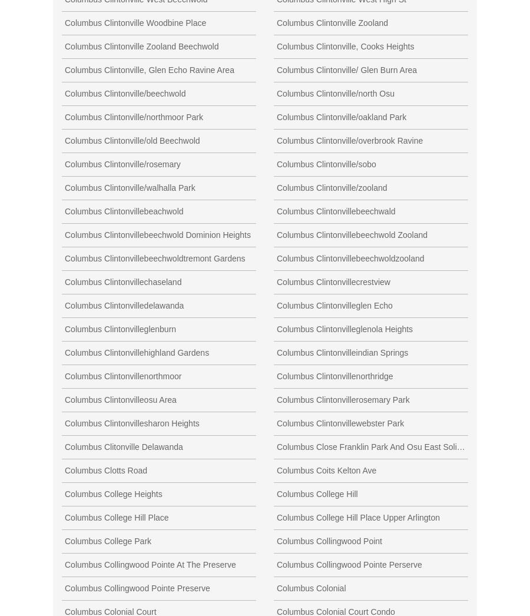  Describe the element at coordinates (336, 210) in the screenshot. I see `'Columbus Clintonvillebeechwald'` at that location.